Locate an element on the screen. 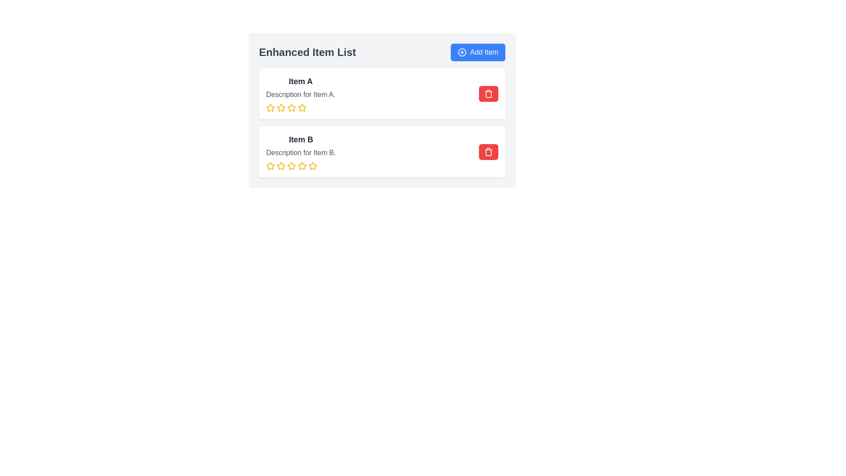  the first star-shaped Rating icon, which is outlined in yellow and is part of a rating system, positioned underneath the text description for Item B is located at coordinates (270, 166).